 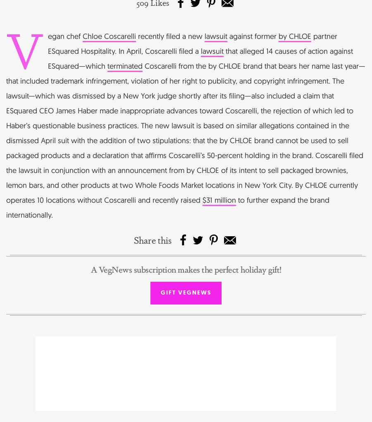 I want to click on '$31 million', so click(x=219, y=199).